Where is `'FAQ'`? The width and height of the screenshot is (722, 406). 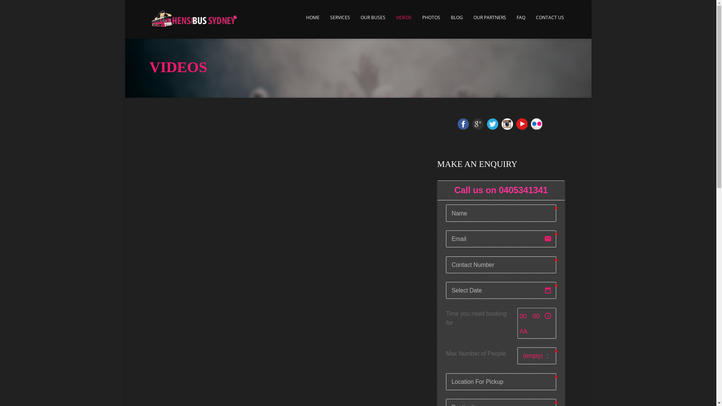 'FAQ' is located at coordinates (514, 21).